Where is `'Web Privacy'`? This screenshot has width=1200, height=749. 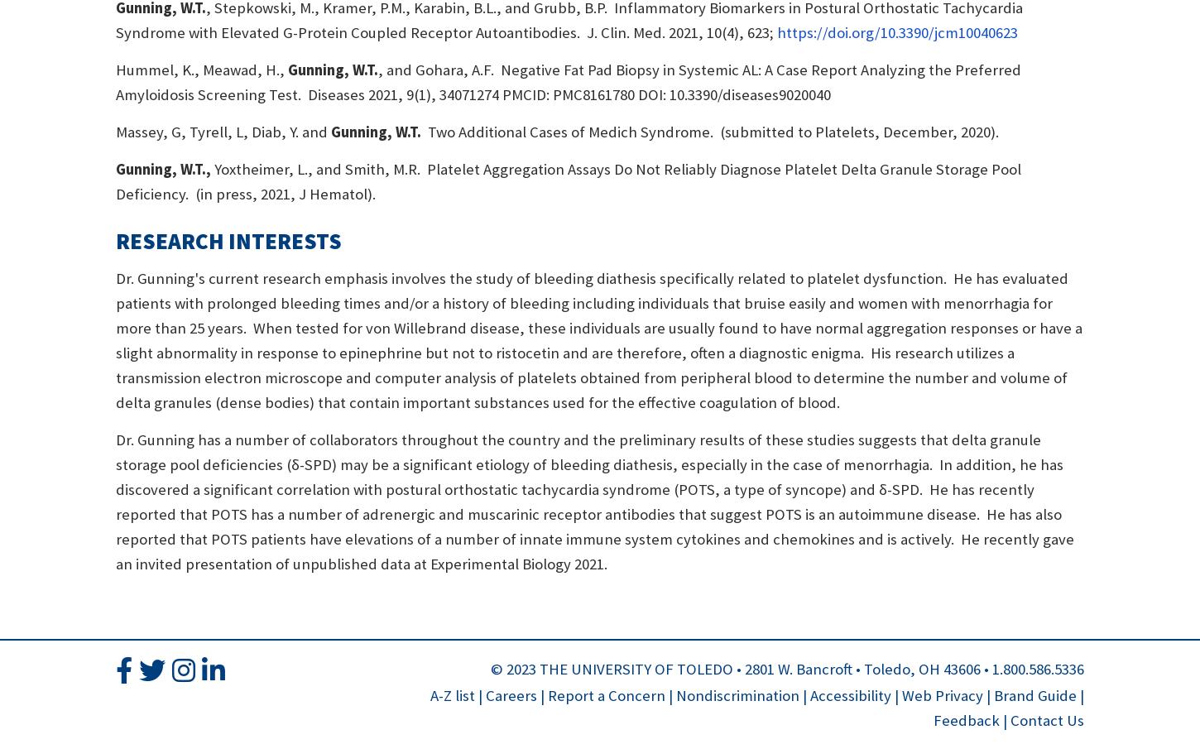 'Web Privacy' is located at coordinates (940, 694).